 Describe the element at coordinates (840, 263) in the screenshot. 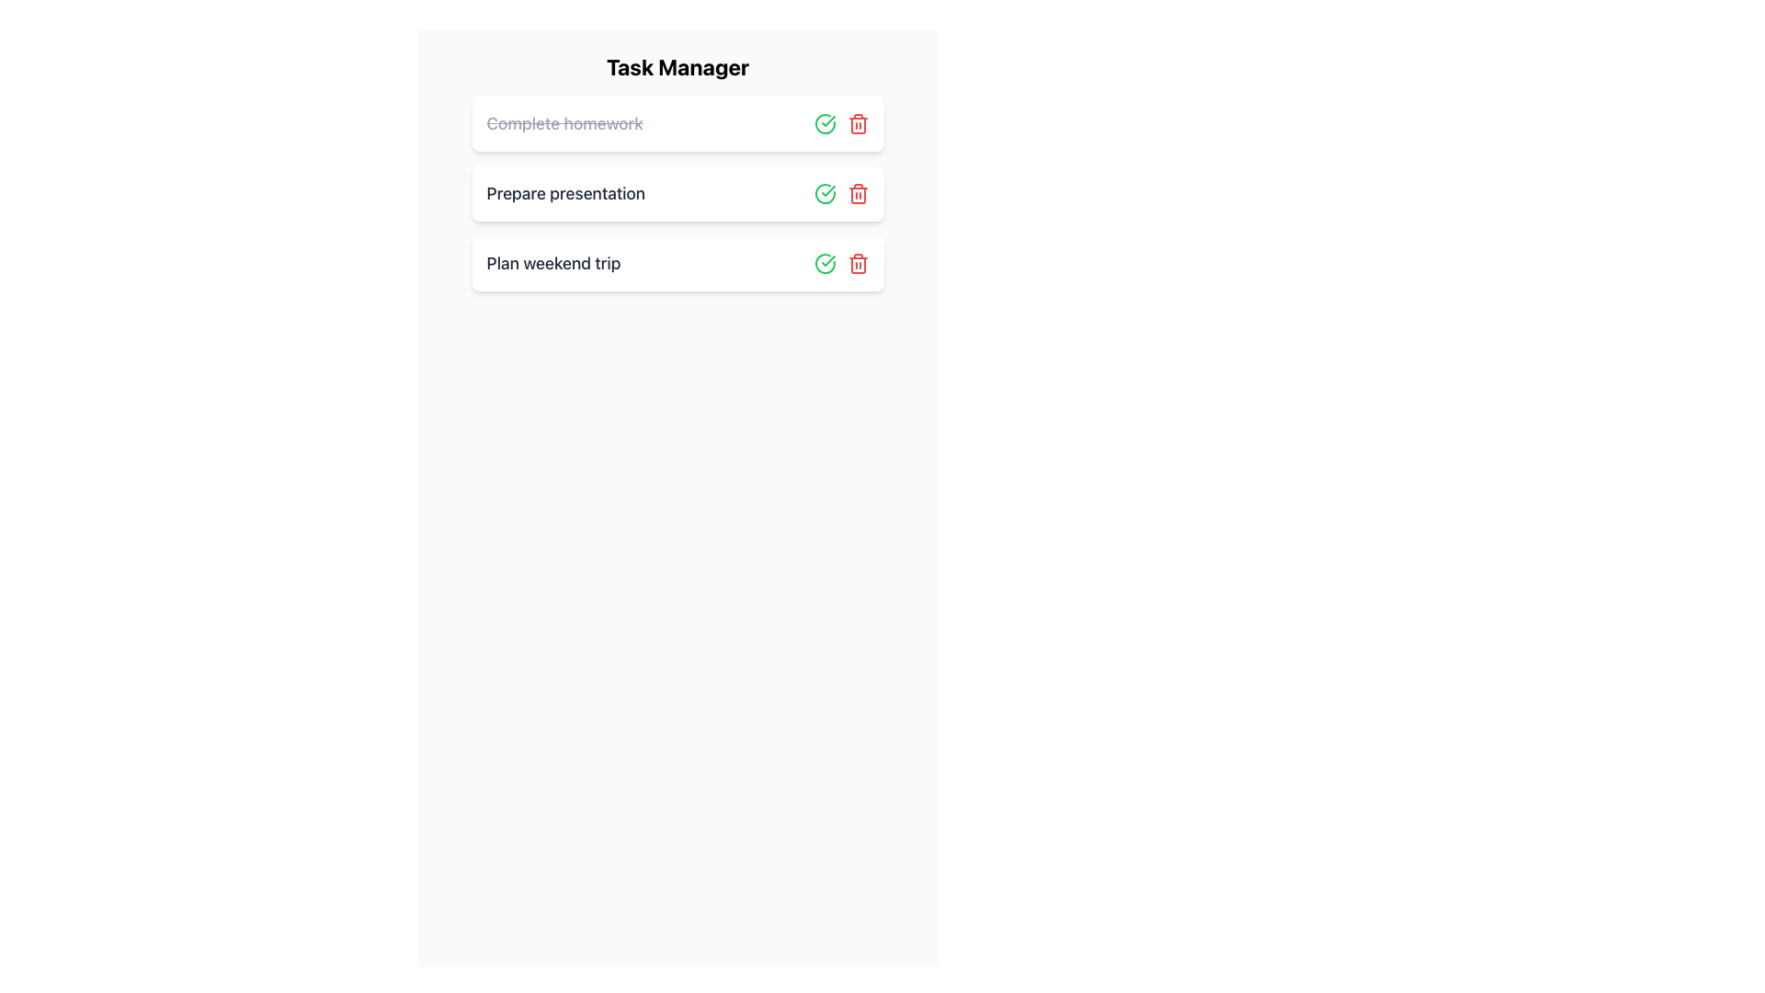

I see `the Grouped Interactive Icons next to the 'Plan weekend trip' text` at that location.